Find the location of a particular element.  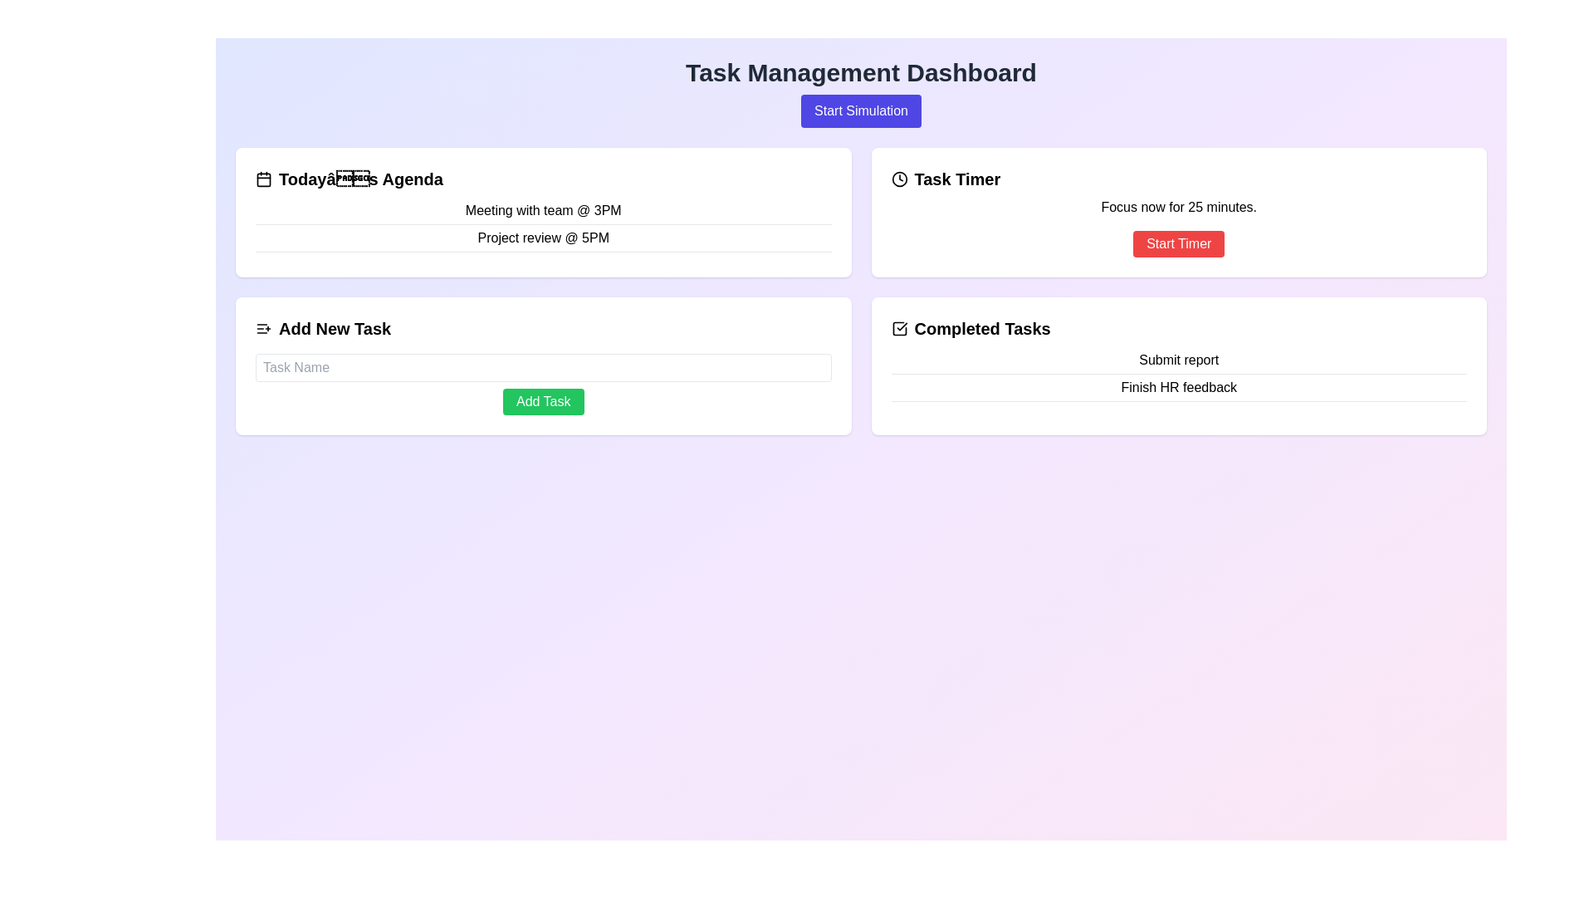

the static text component that serves as the title or header of the dashboard, located near the center of the topmost section of the interface is located at coordinates (861, 72).